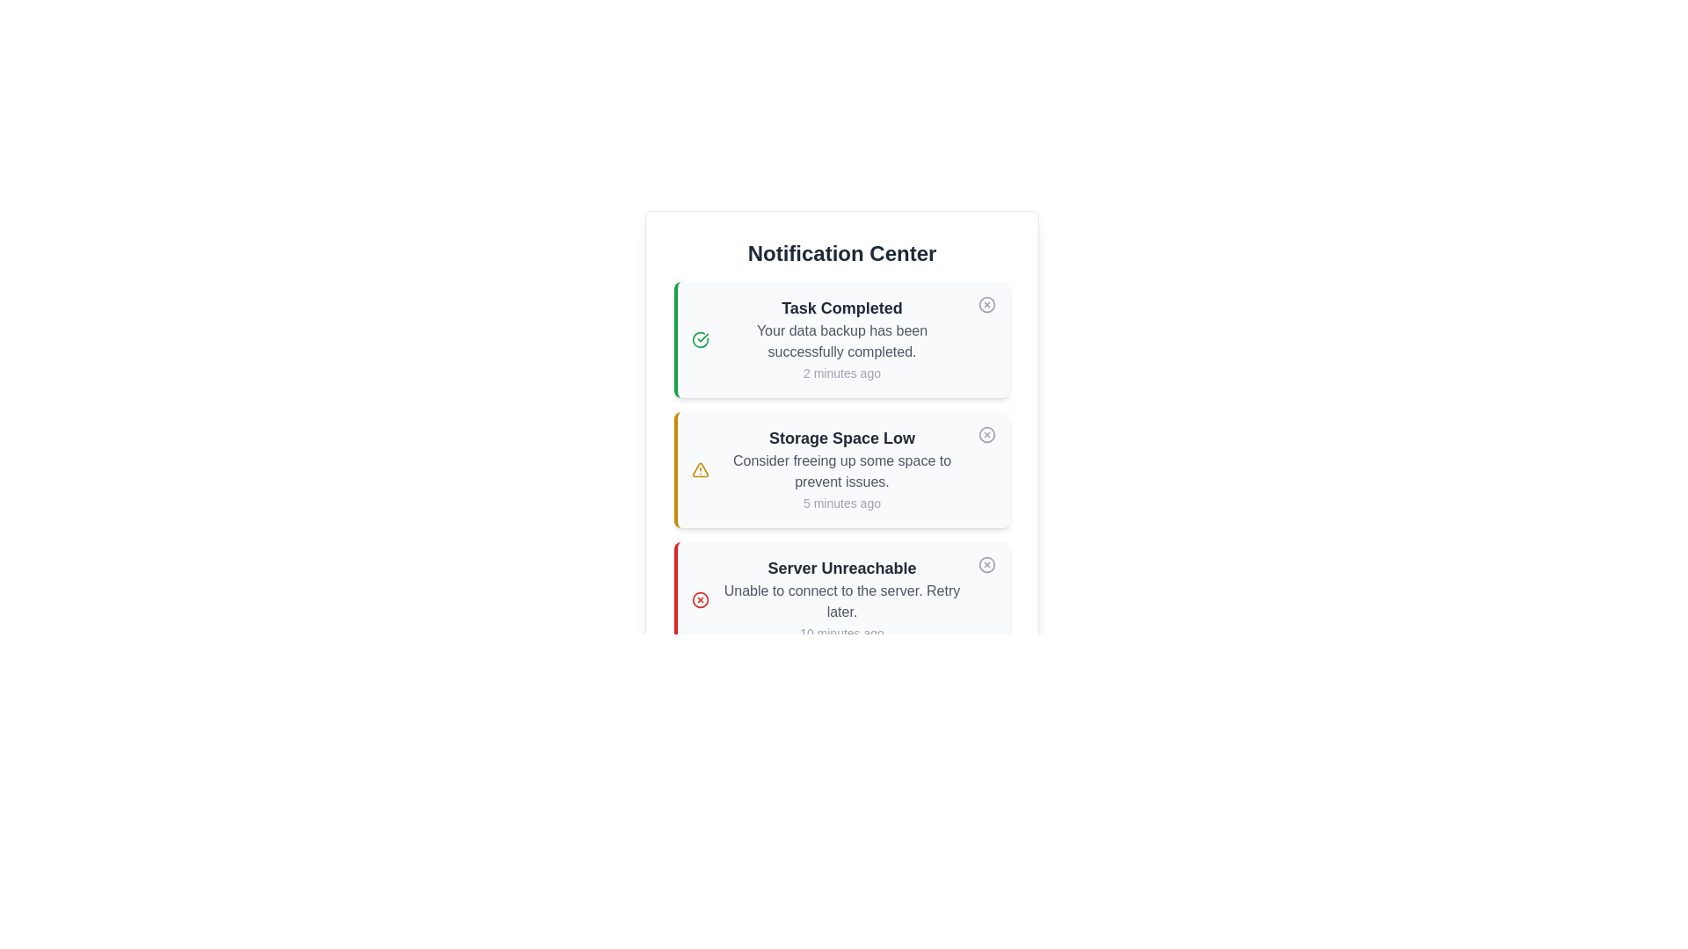  Describe the element at coordinates (841, 469) in the screenshot. I see `the Notification card with a yellow border that summarizes storage space usage, located centrally within the 'Notification Center' as the second notification` at that location.